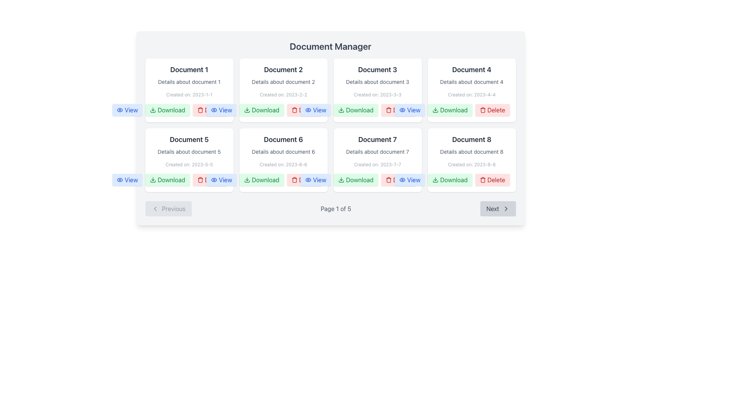  I want to click on the 'View' button located, so click(410, 110).